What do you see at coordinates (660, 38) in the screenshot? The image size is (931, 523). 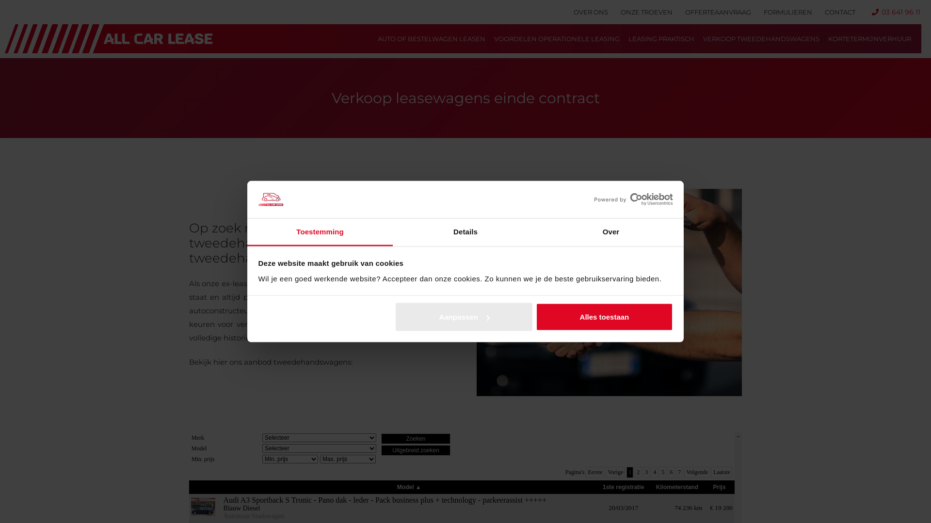 I see `'LEASING PRAKTISCH'` at bounding box center [660, 38].